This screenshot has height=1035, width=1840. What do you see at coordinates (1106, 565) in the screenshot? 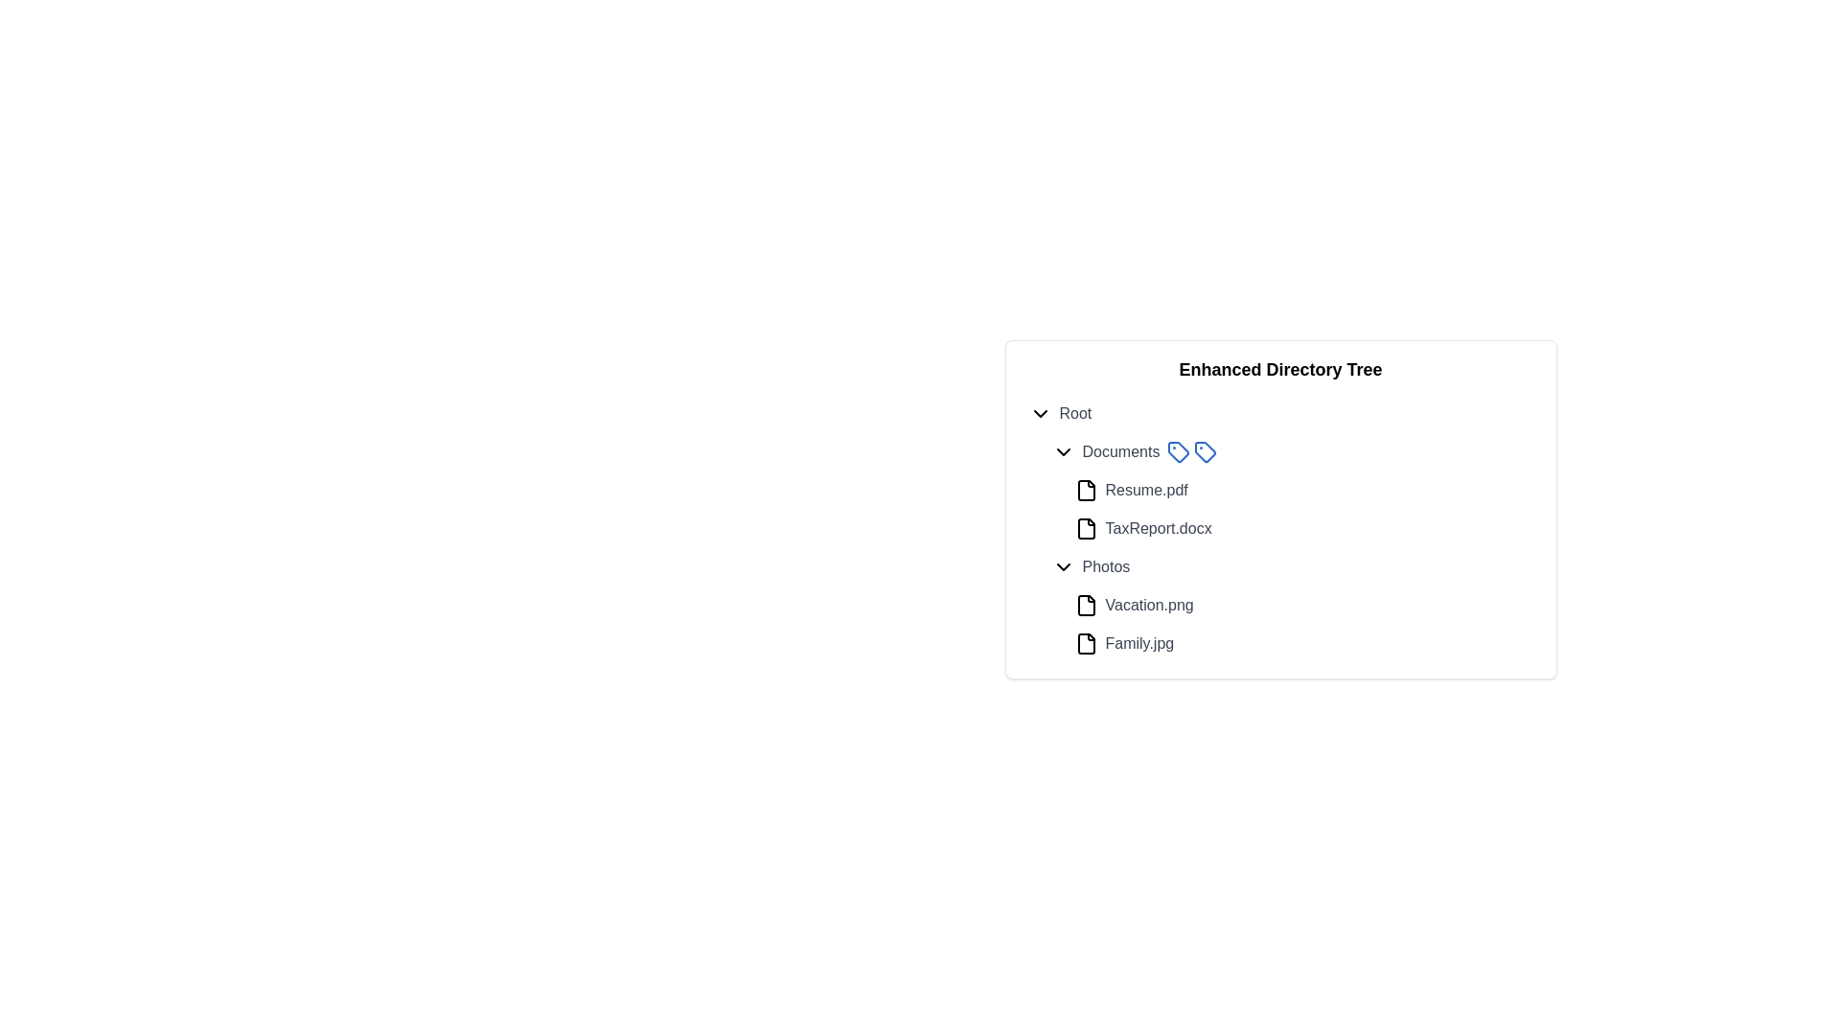
I see `the 'Photos' text label, which is styled in gray and located under the 'Documents' section of the file viewer widget` at bounding box center [1106, 565].